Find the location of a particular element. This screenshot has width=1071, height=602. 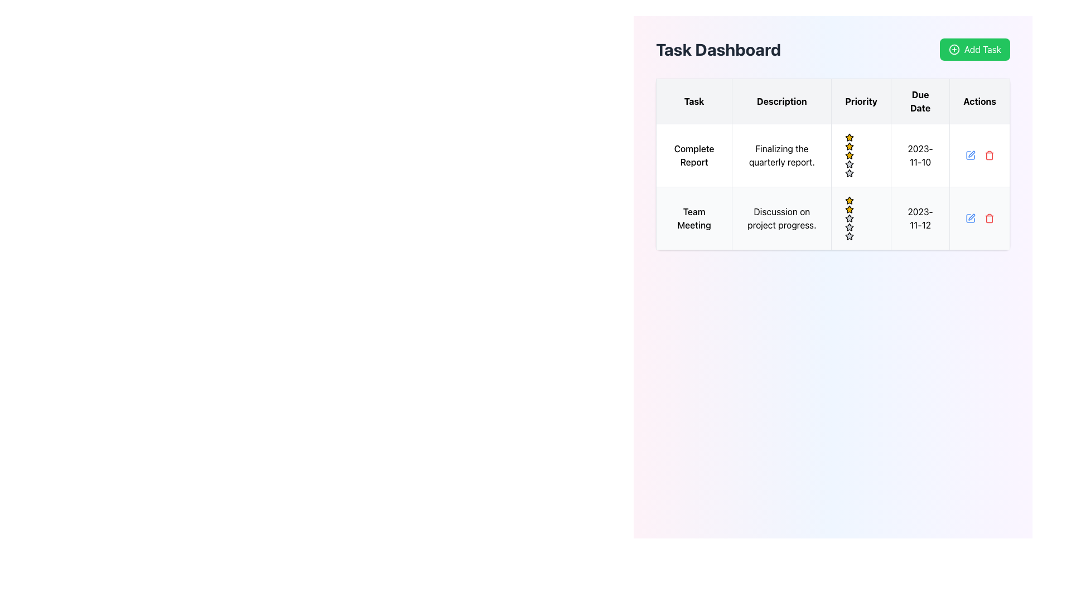

the fifth star-shaped rating icon with a yellow fill and black border in the 'Priority' column for the 'Complete Report' task row is located at coordinates (849, 155).